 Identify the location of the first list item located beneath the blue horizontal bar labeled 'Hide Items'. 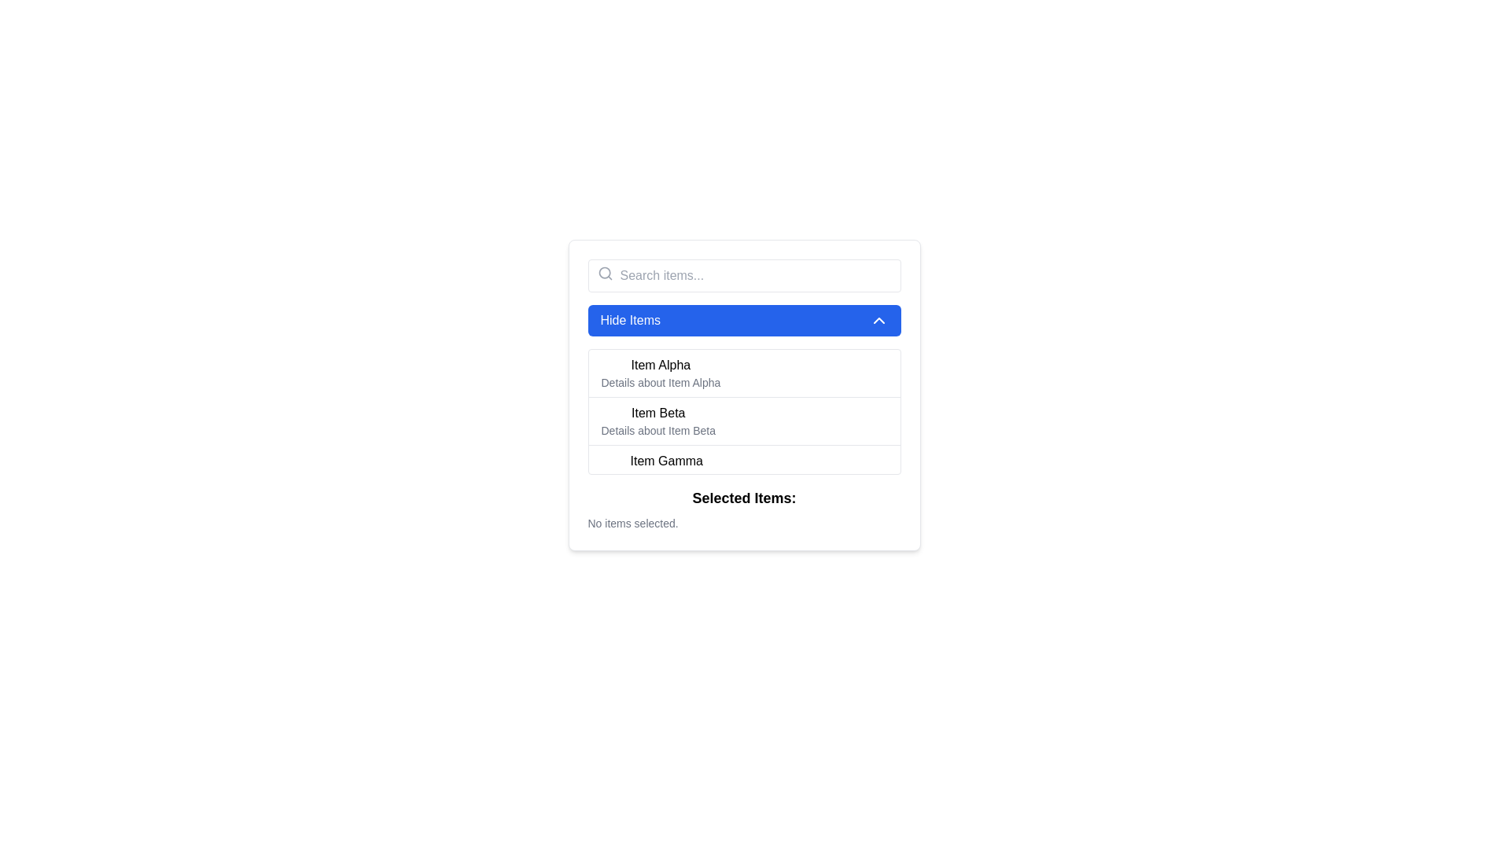
(661, 373).